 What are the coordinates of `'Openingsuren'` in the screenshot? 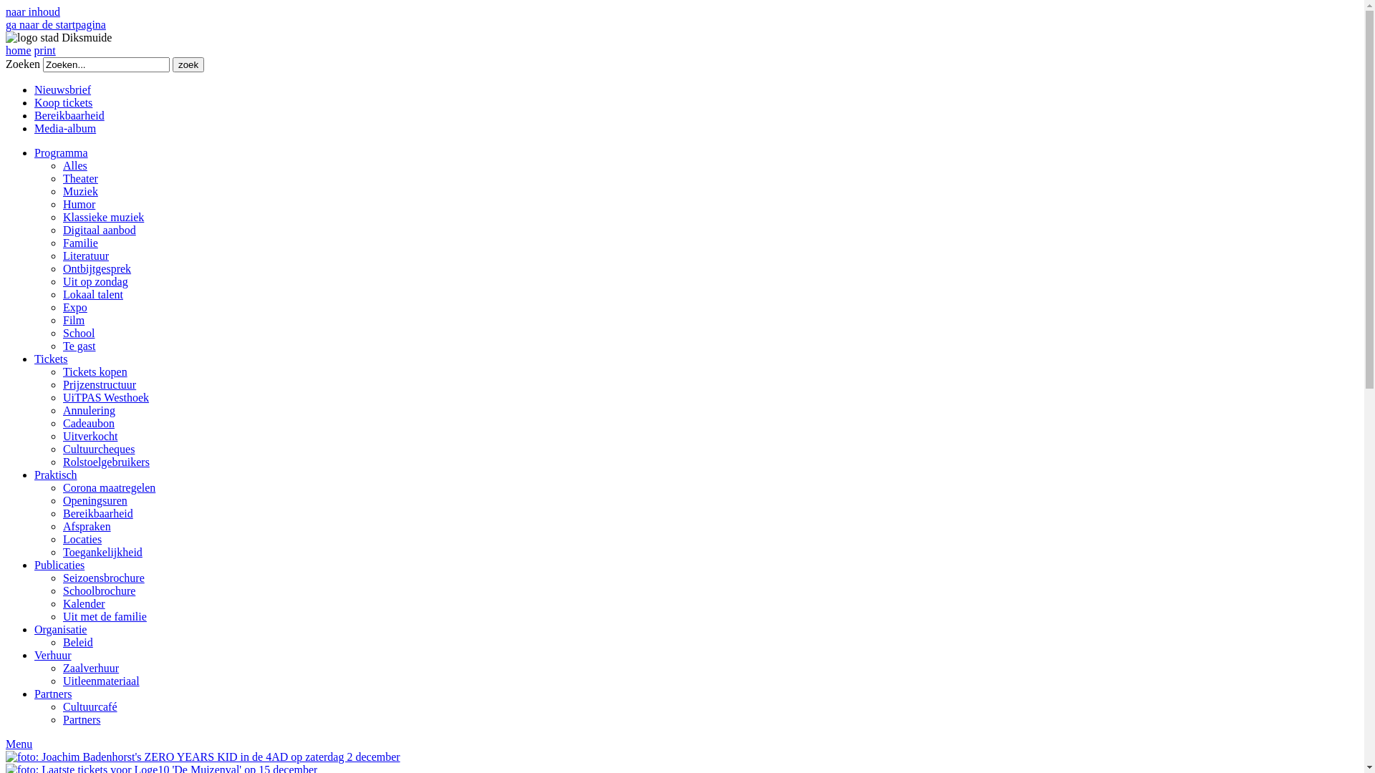 It's located at (95, 500).